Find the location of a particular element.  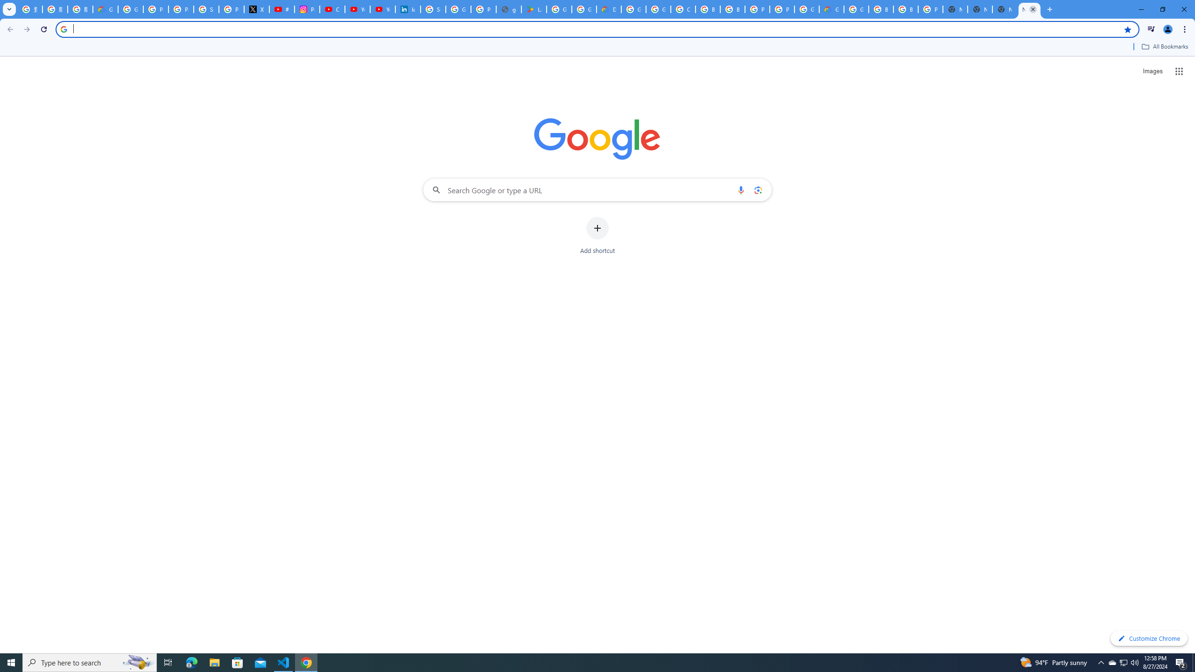

'Last Shelter: Survival - Apps on Google Play' is located at coordinates (534, 9).